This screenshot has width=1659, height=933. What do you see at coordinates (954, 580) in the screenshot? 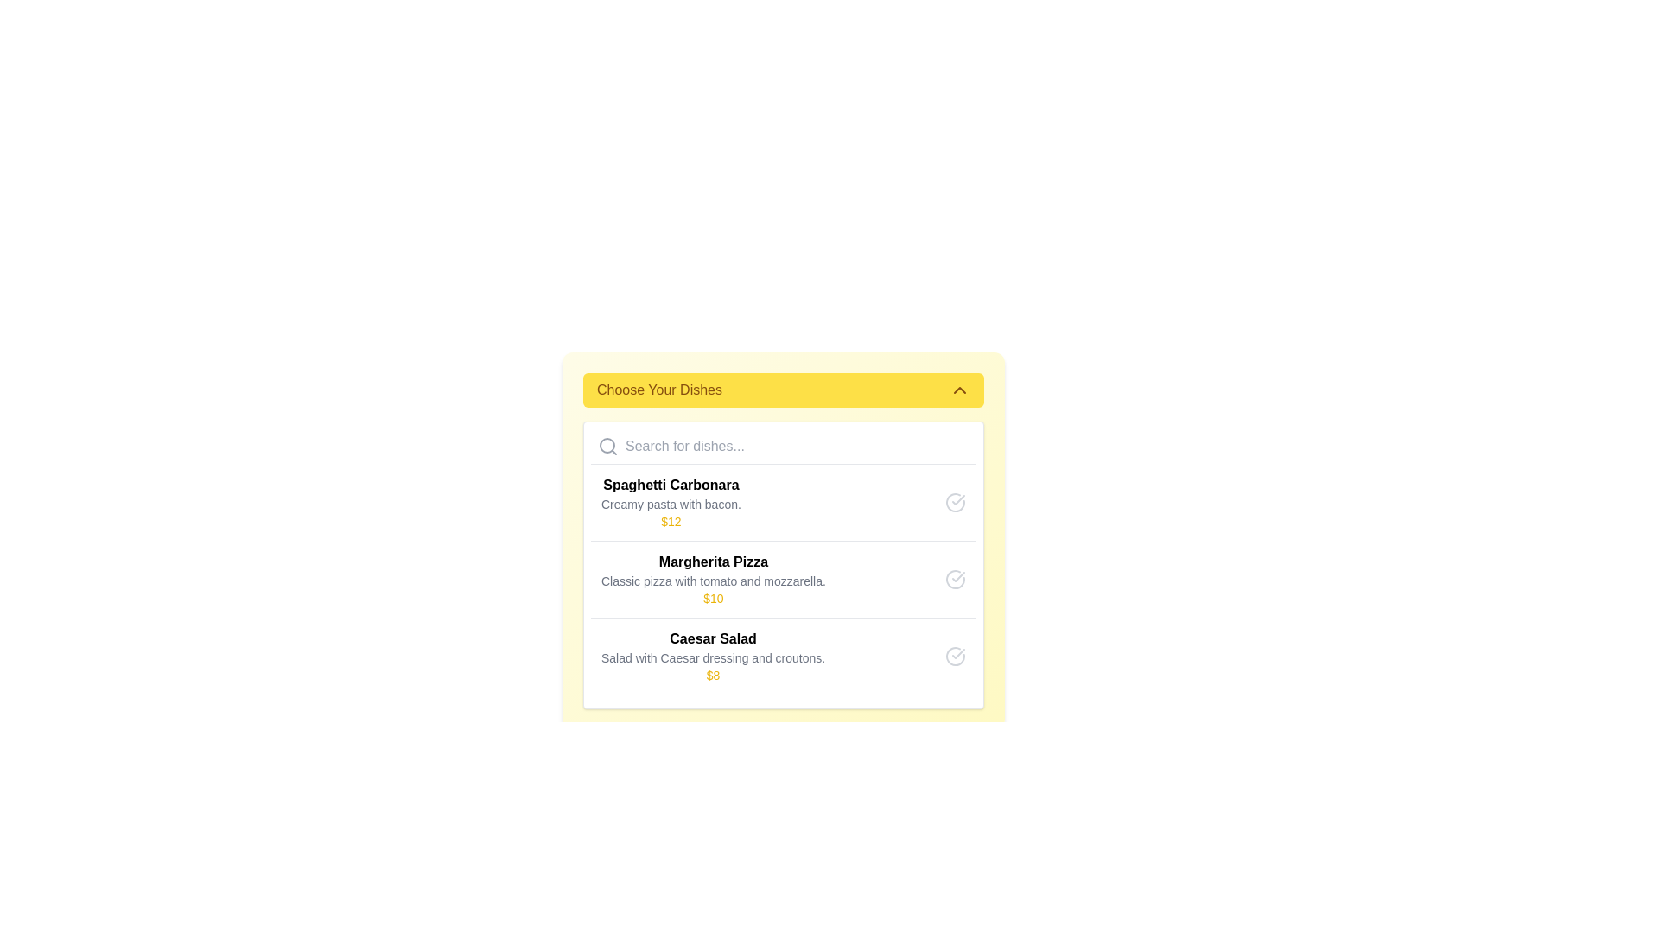
I see `the icon located to the far right of the 'Margherita Pizza' section` at bounding box center [954, 580].